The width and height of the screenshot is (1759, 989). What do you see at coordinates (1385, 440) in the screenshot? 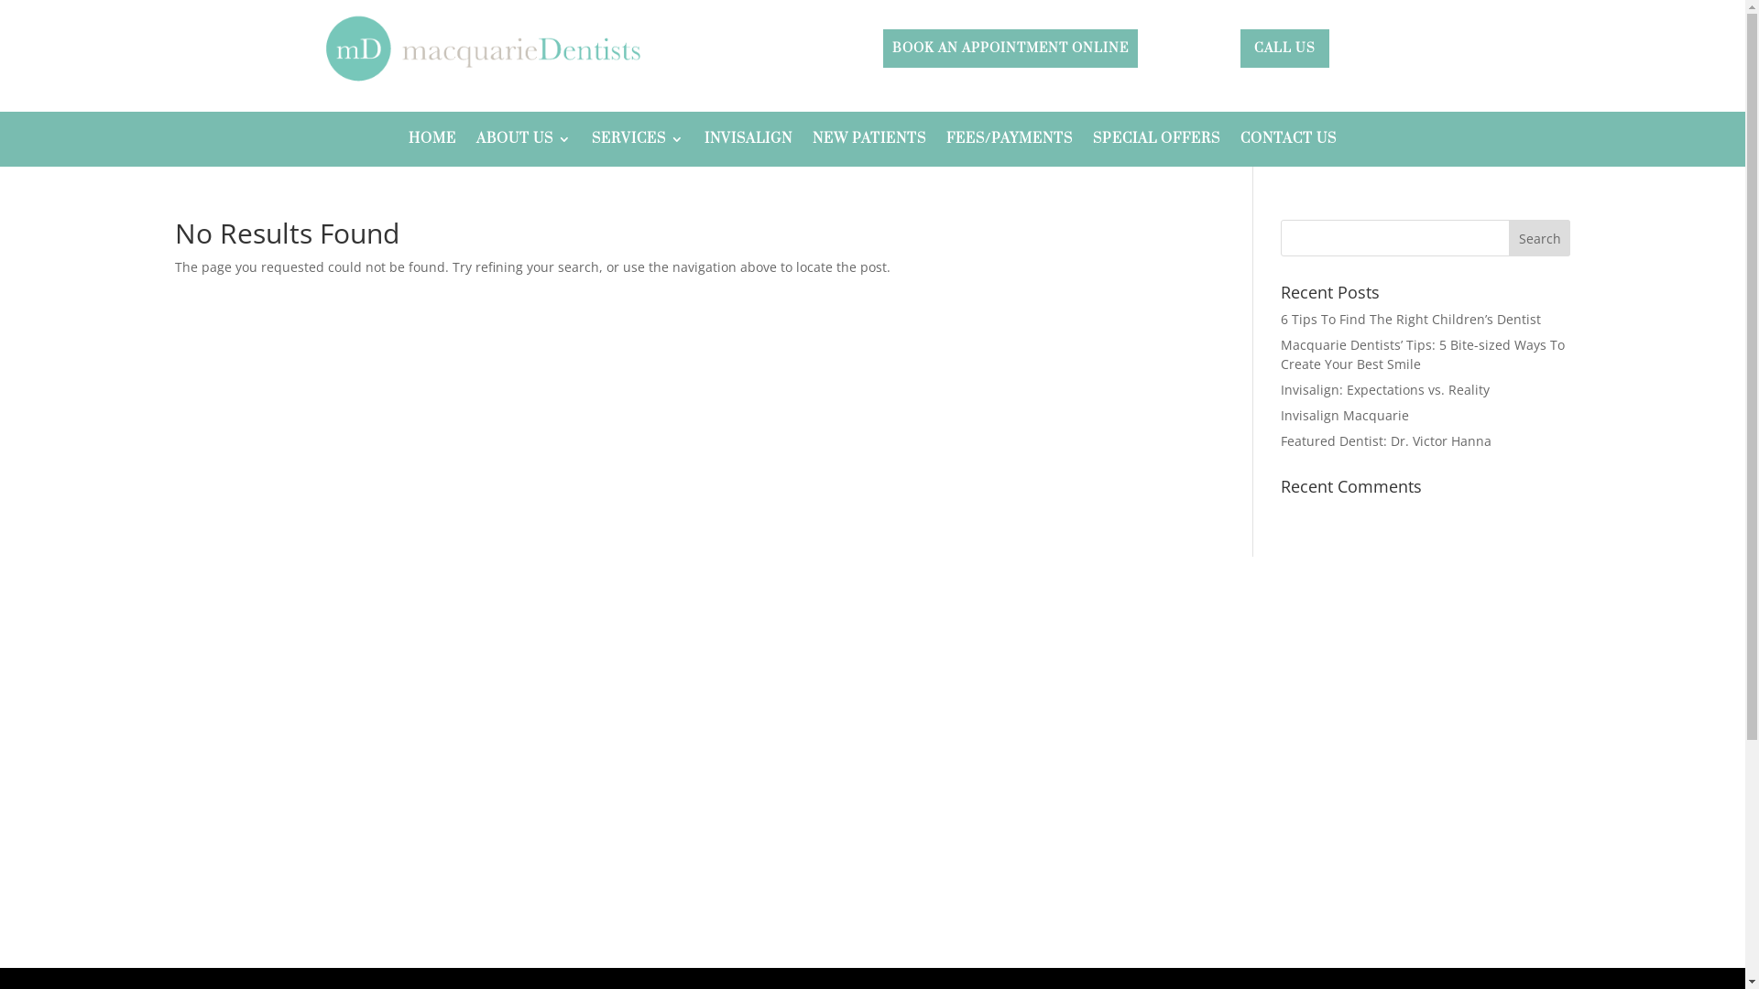
I see `'Featured Dentist: Dr. Victor Hanna'` at bounding box center [1385, 440].